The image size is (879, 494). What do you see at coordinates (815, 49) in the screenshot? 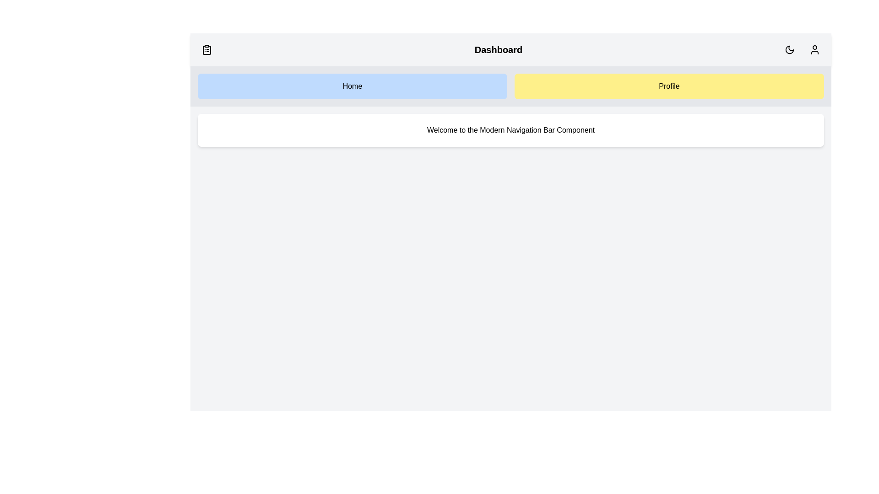
I see `the user profile icon to interact with the user profile` at bounding box center [815, 49].